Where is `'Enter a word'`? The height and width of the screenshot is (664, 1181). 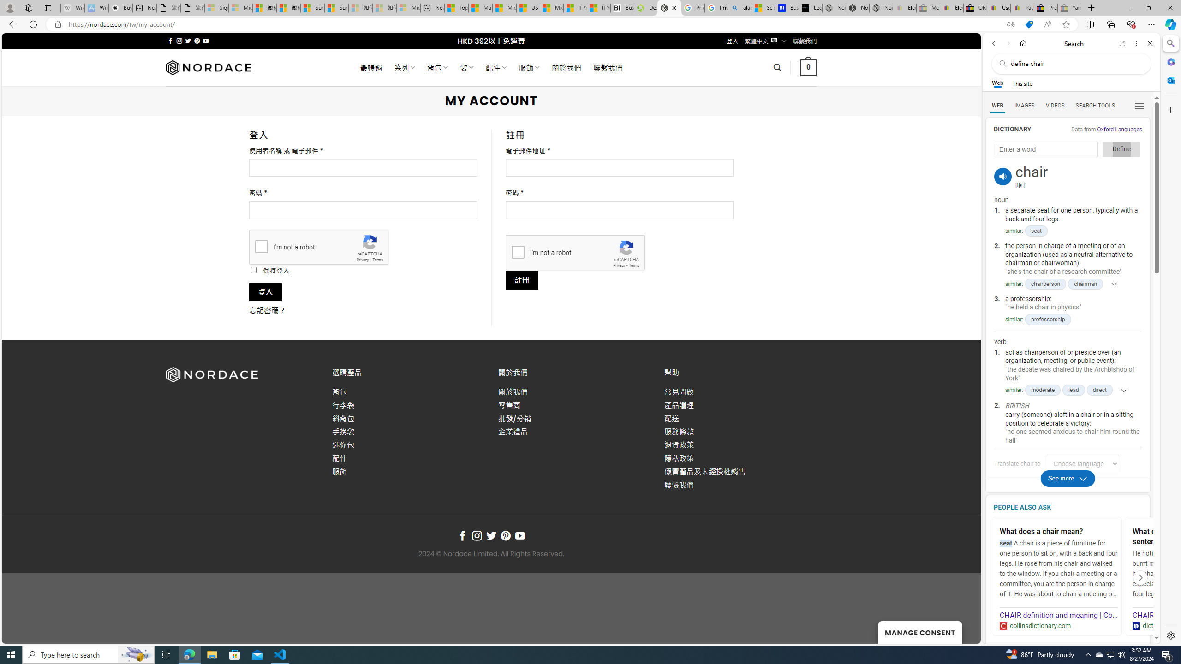 'Enter a word' is located at coordinates (1045, 149).